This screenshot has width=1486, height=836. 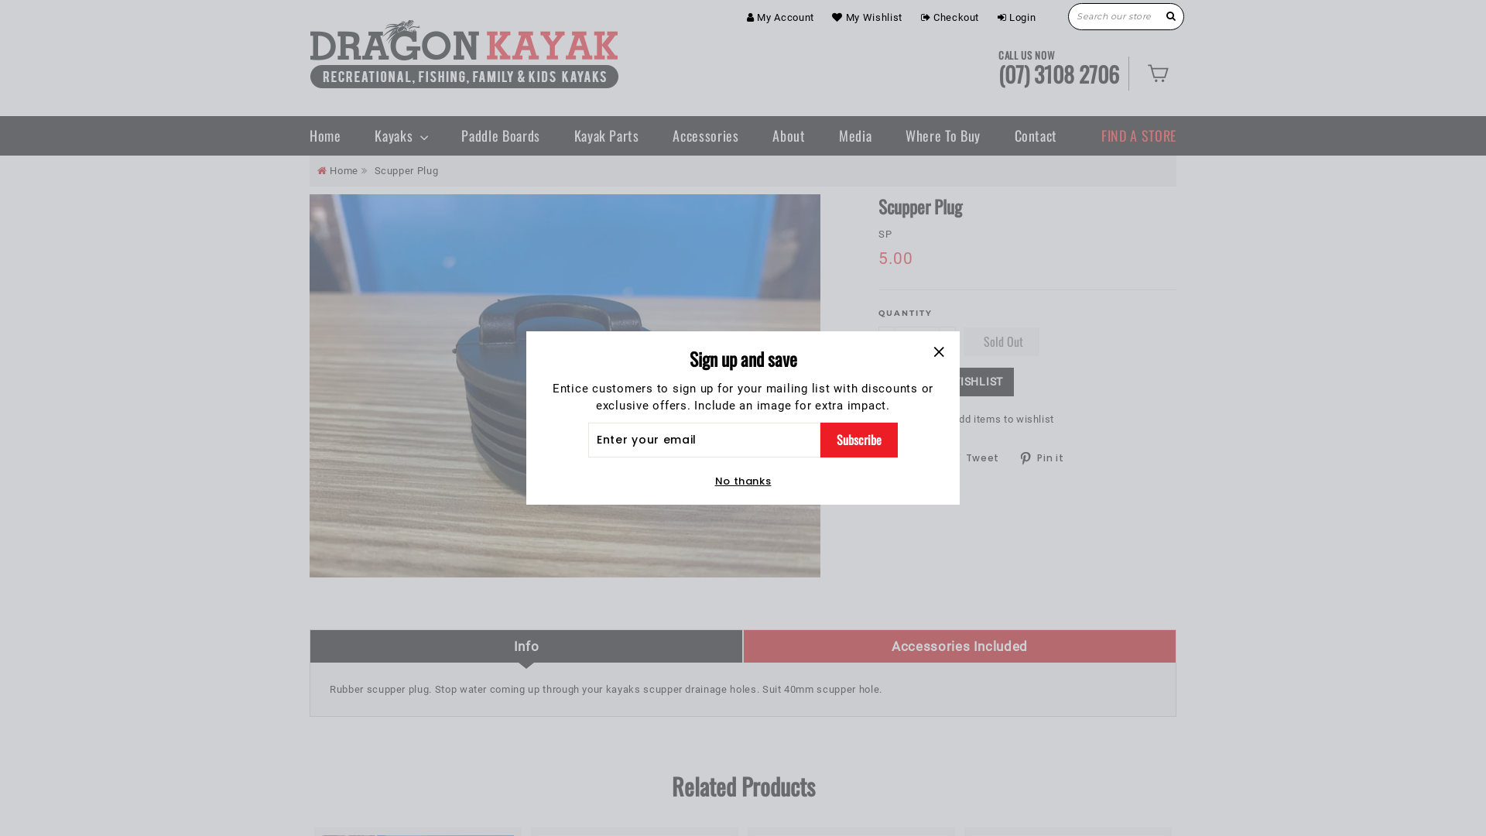 What do you see at coordinates (946, 340) in the screenshot?
I see `'+'` at bounding box center [946, 340].